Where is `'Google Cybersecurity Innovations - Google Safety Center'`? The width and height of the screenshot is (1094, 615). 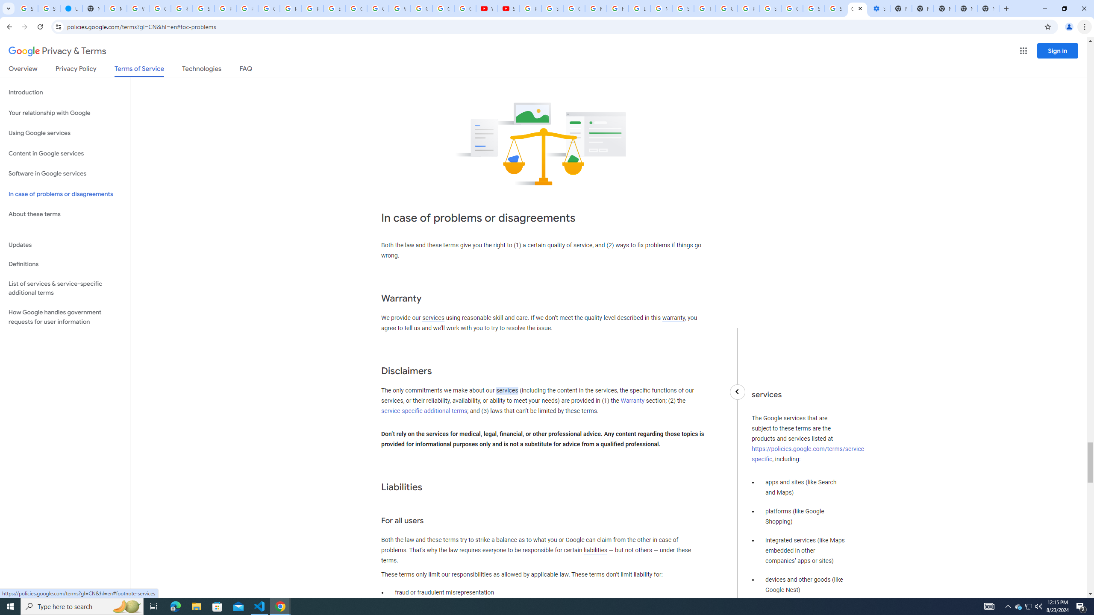
'Google Cybersecurity Innovations - Google Safety Center' is located at coordinates (792, 8).